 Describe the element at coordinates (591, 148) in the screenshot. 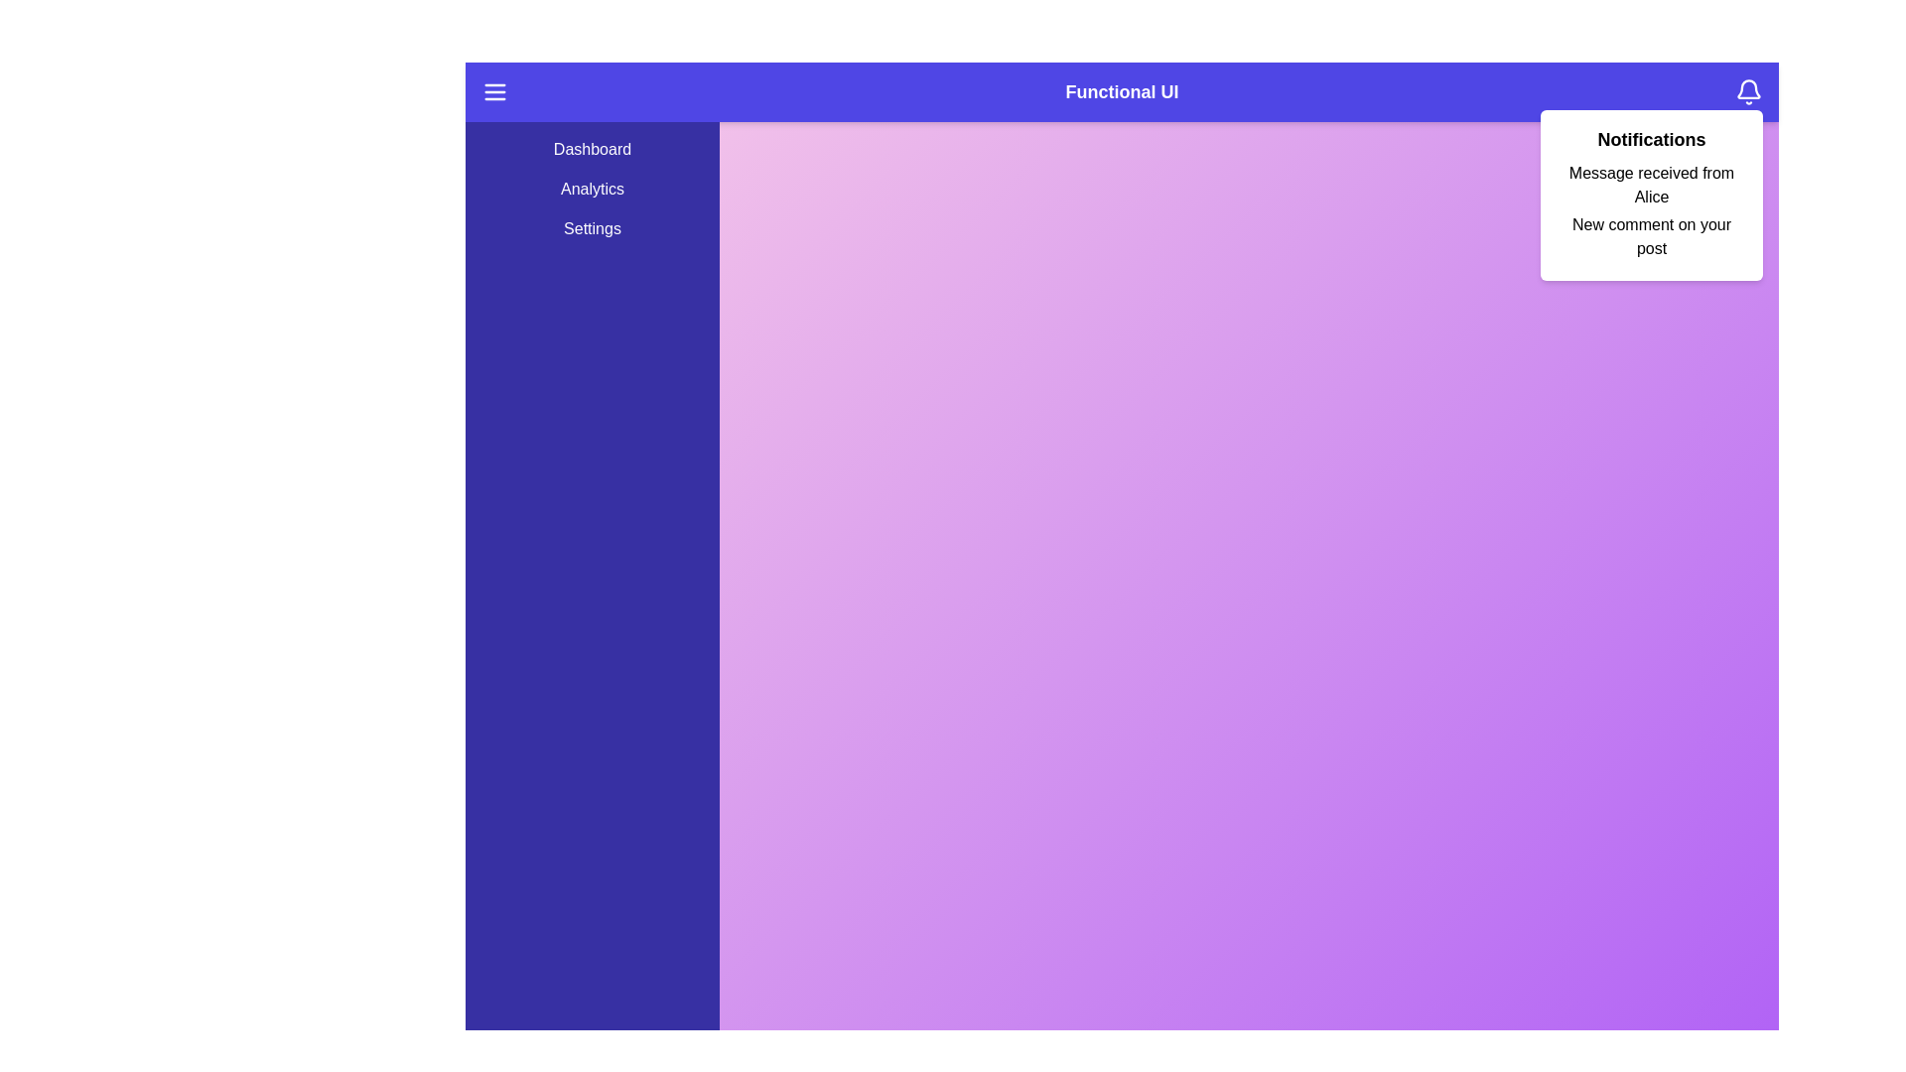

I see `the menu item Dashboard from the side menu` at that location.